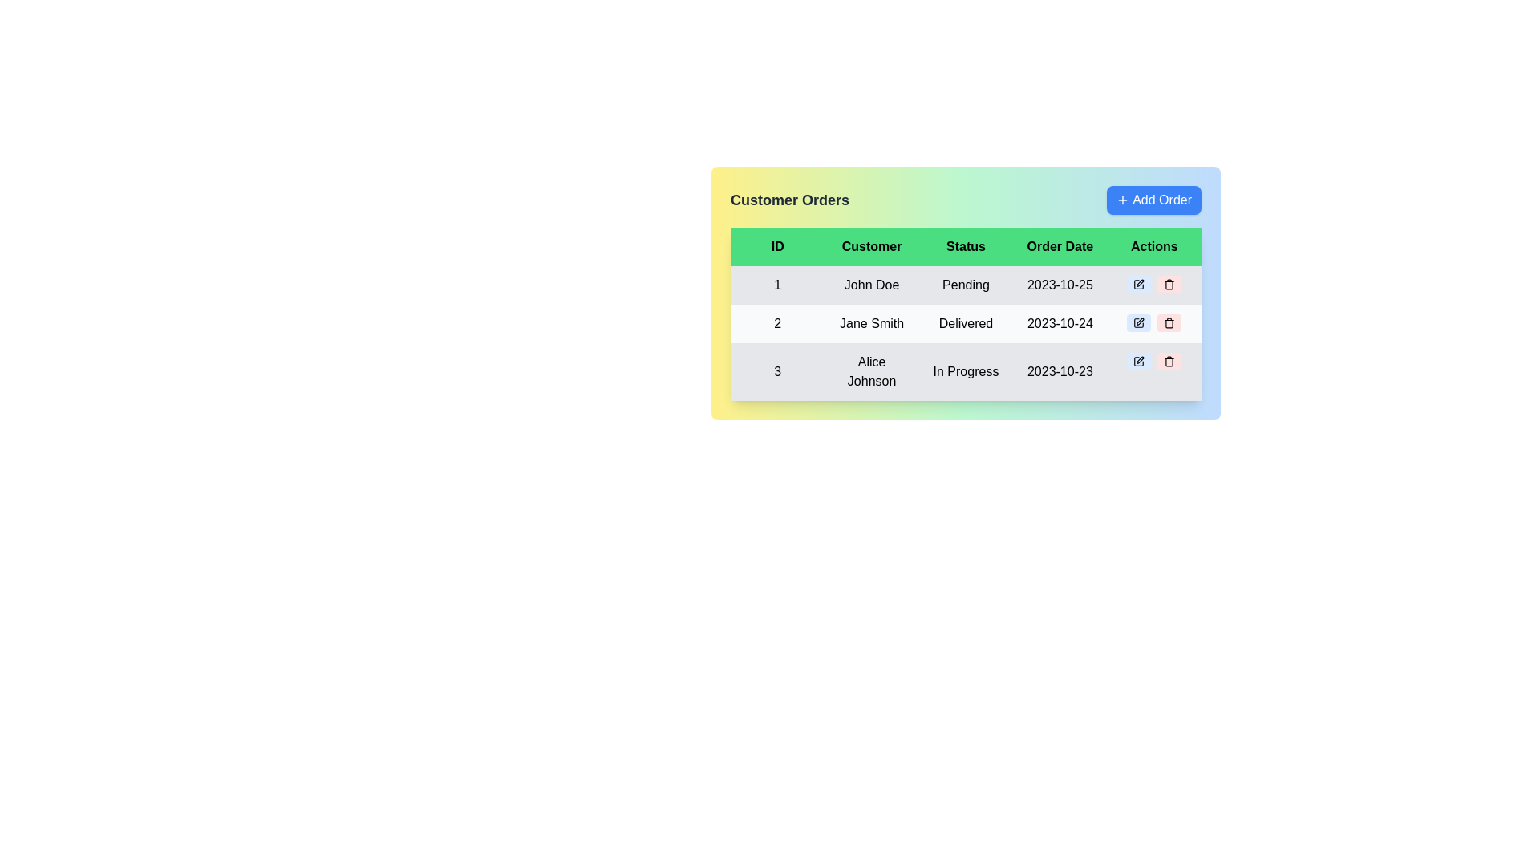 The image size is (1540, 866). What do you see at coordinates (965, 247) in the screenshot?
I see `the header label indicating the status information in the table, located between the 'Customer' and 'Order Date' headers` at bounding box center [965, 247].